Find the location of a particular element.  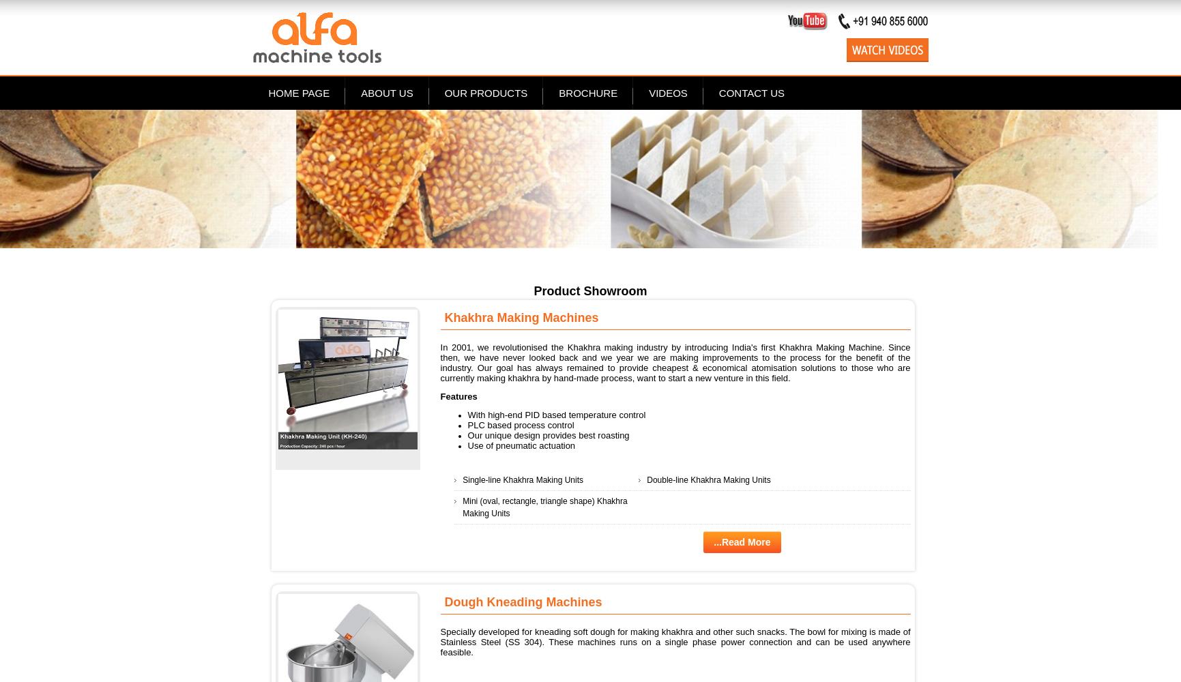

'Specially developed for kneading soft dough for making khakhra and other such snacks. The bowl for mixing is made of Stainless Steel (SS 304). These machines runs on a single phase power connection and can be used anywhere feasible.' is located at coordinates (674, 640).